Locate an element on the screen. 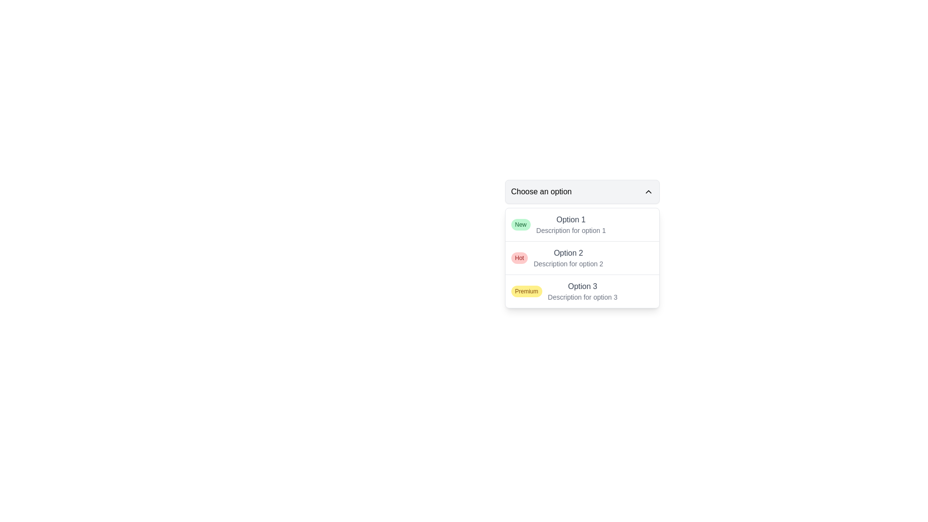 The width and height of the screenshot is (928, 522). the 'Premium Option 3' list item in the dropdown menu is located at coordinates (581, 290).